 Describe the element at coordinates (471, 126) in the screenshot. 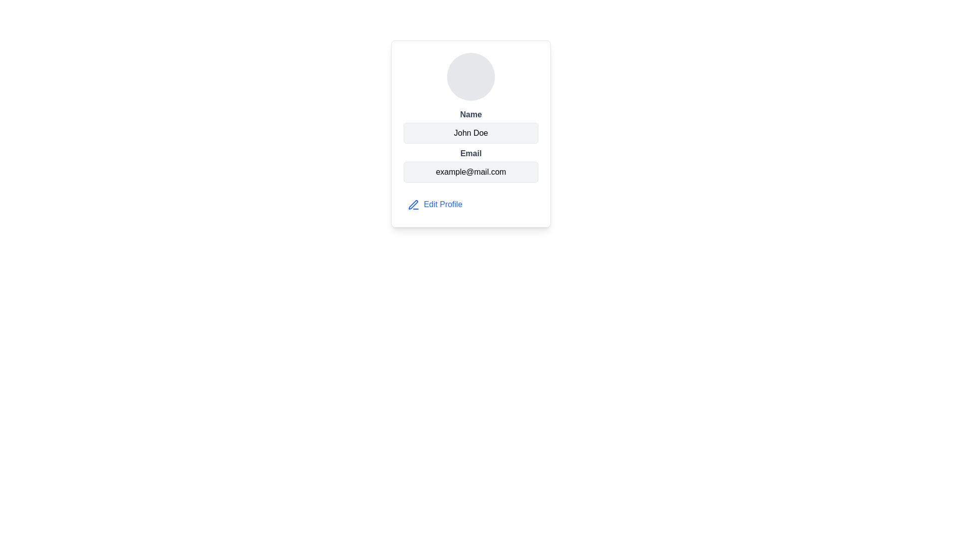

I see `displayed name information from the Informational field, which shows 'John Doe' below the 'Name' label` at that location.